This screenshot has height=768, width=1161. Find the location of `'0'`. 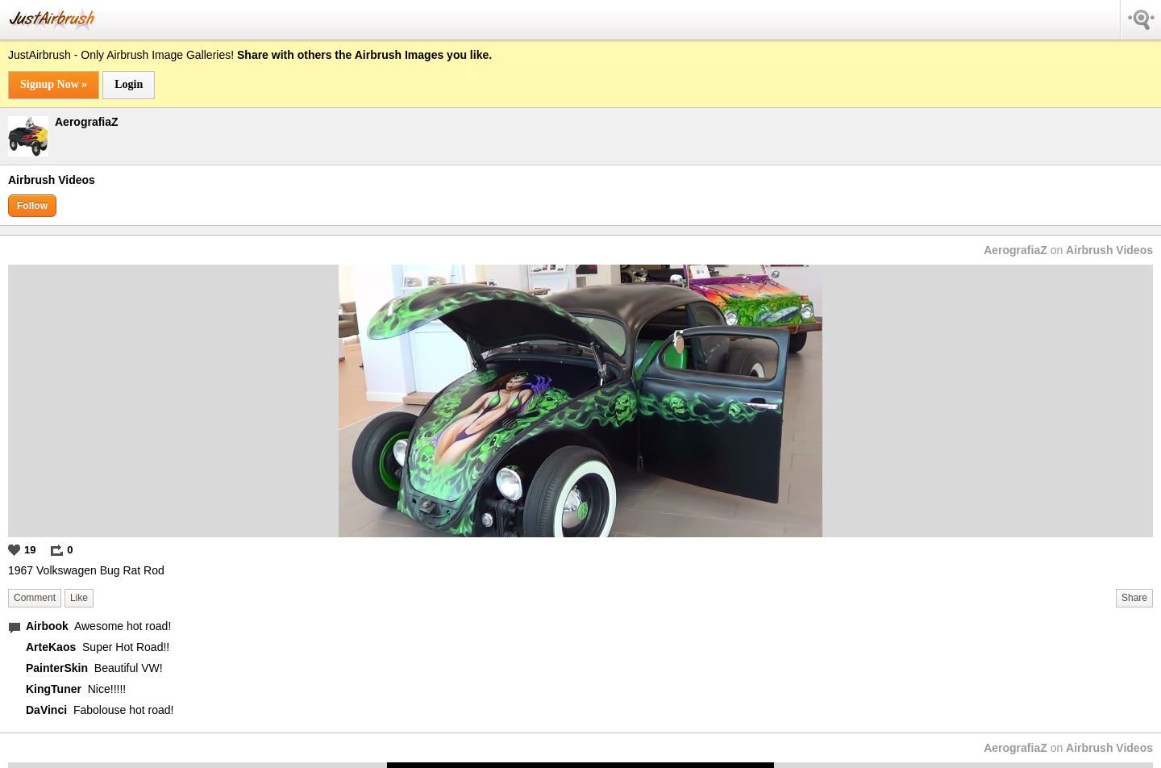

'0' is located at coordinates (66, 549).